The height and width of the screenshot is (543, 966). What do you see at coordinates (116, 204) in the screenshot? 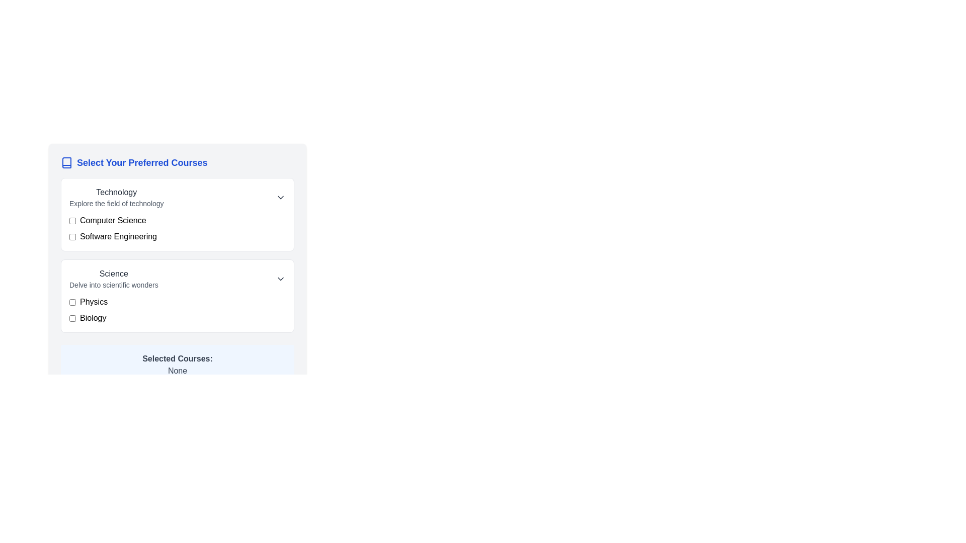
I see `the text label displaying 'Explore the field of technology', which is styled in gray and located directly below the 'Technology' heading` at bounding box center [116, 204].